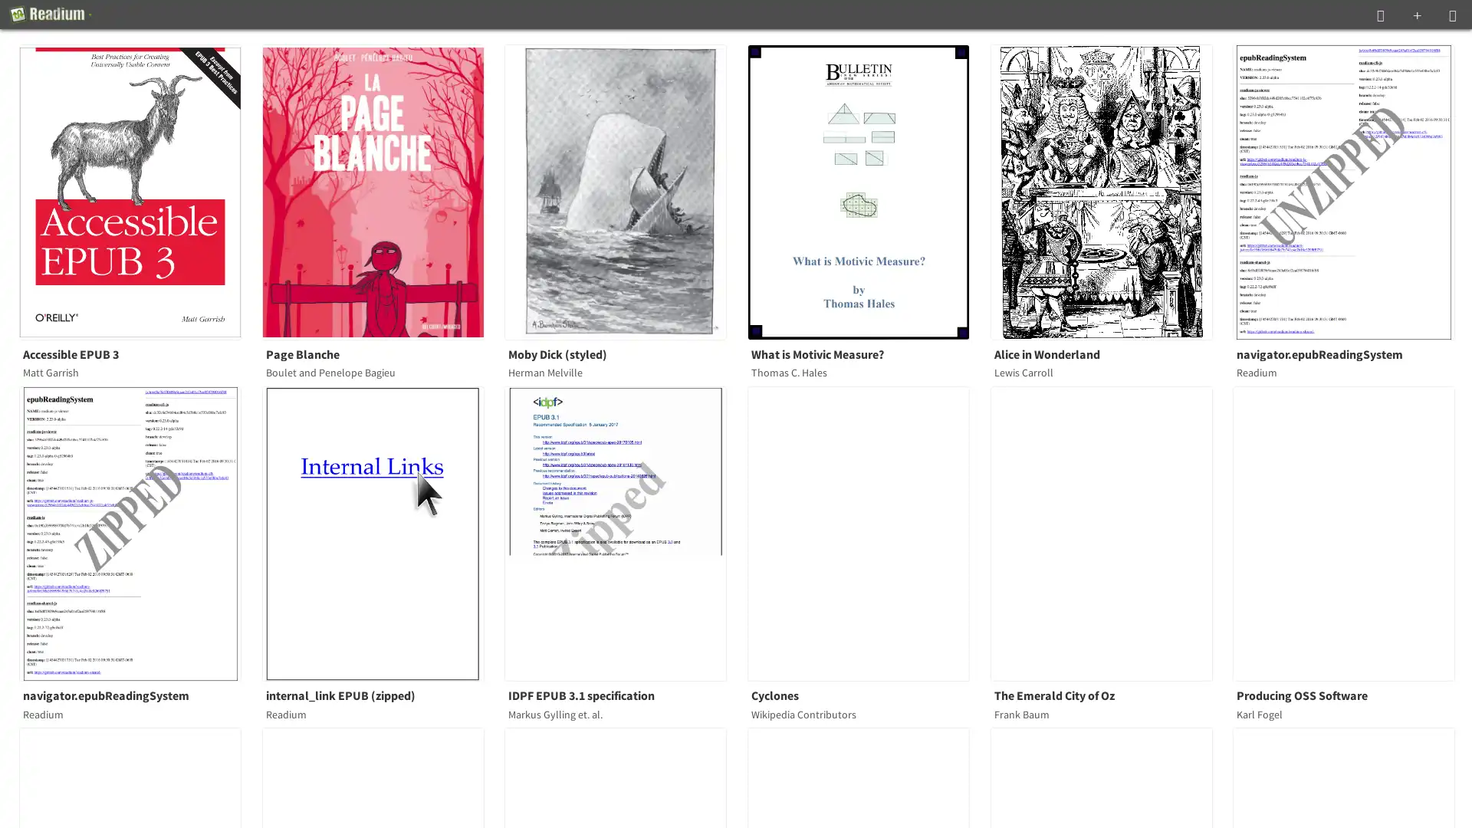 This screenshot has width=1472, height=828. I want to click on Settings [o], so click(1452, 15).